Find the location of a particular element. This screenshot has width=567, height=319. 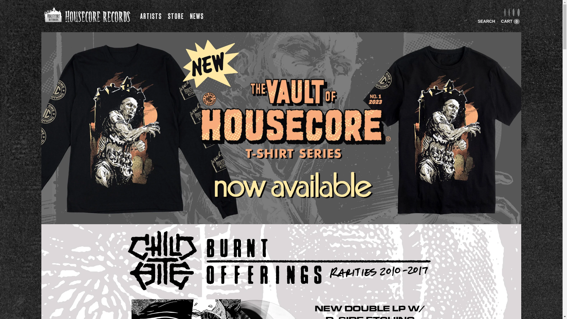

'ARTISTS' is located at coordinates (140, 16).